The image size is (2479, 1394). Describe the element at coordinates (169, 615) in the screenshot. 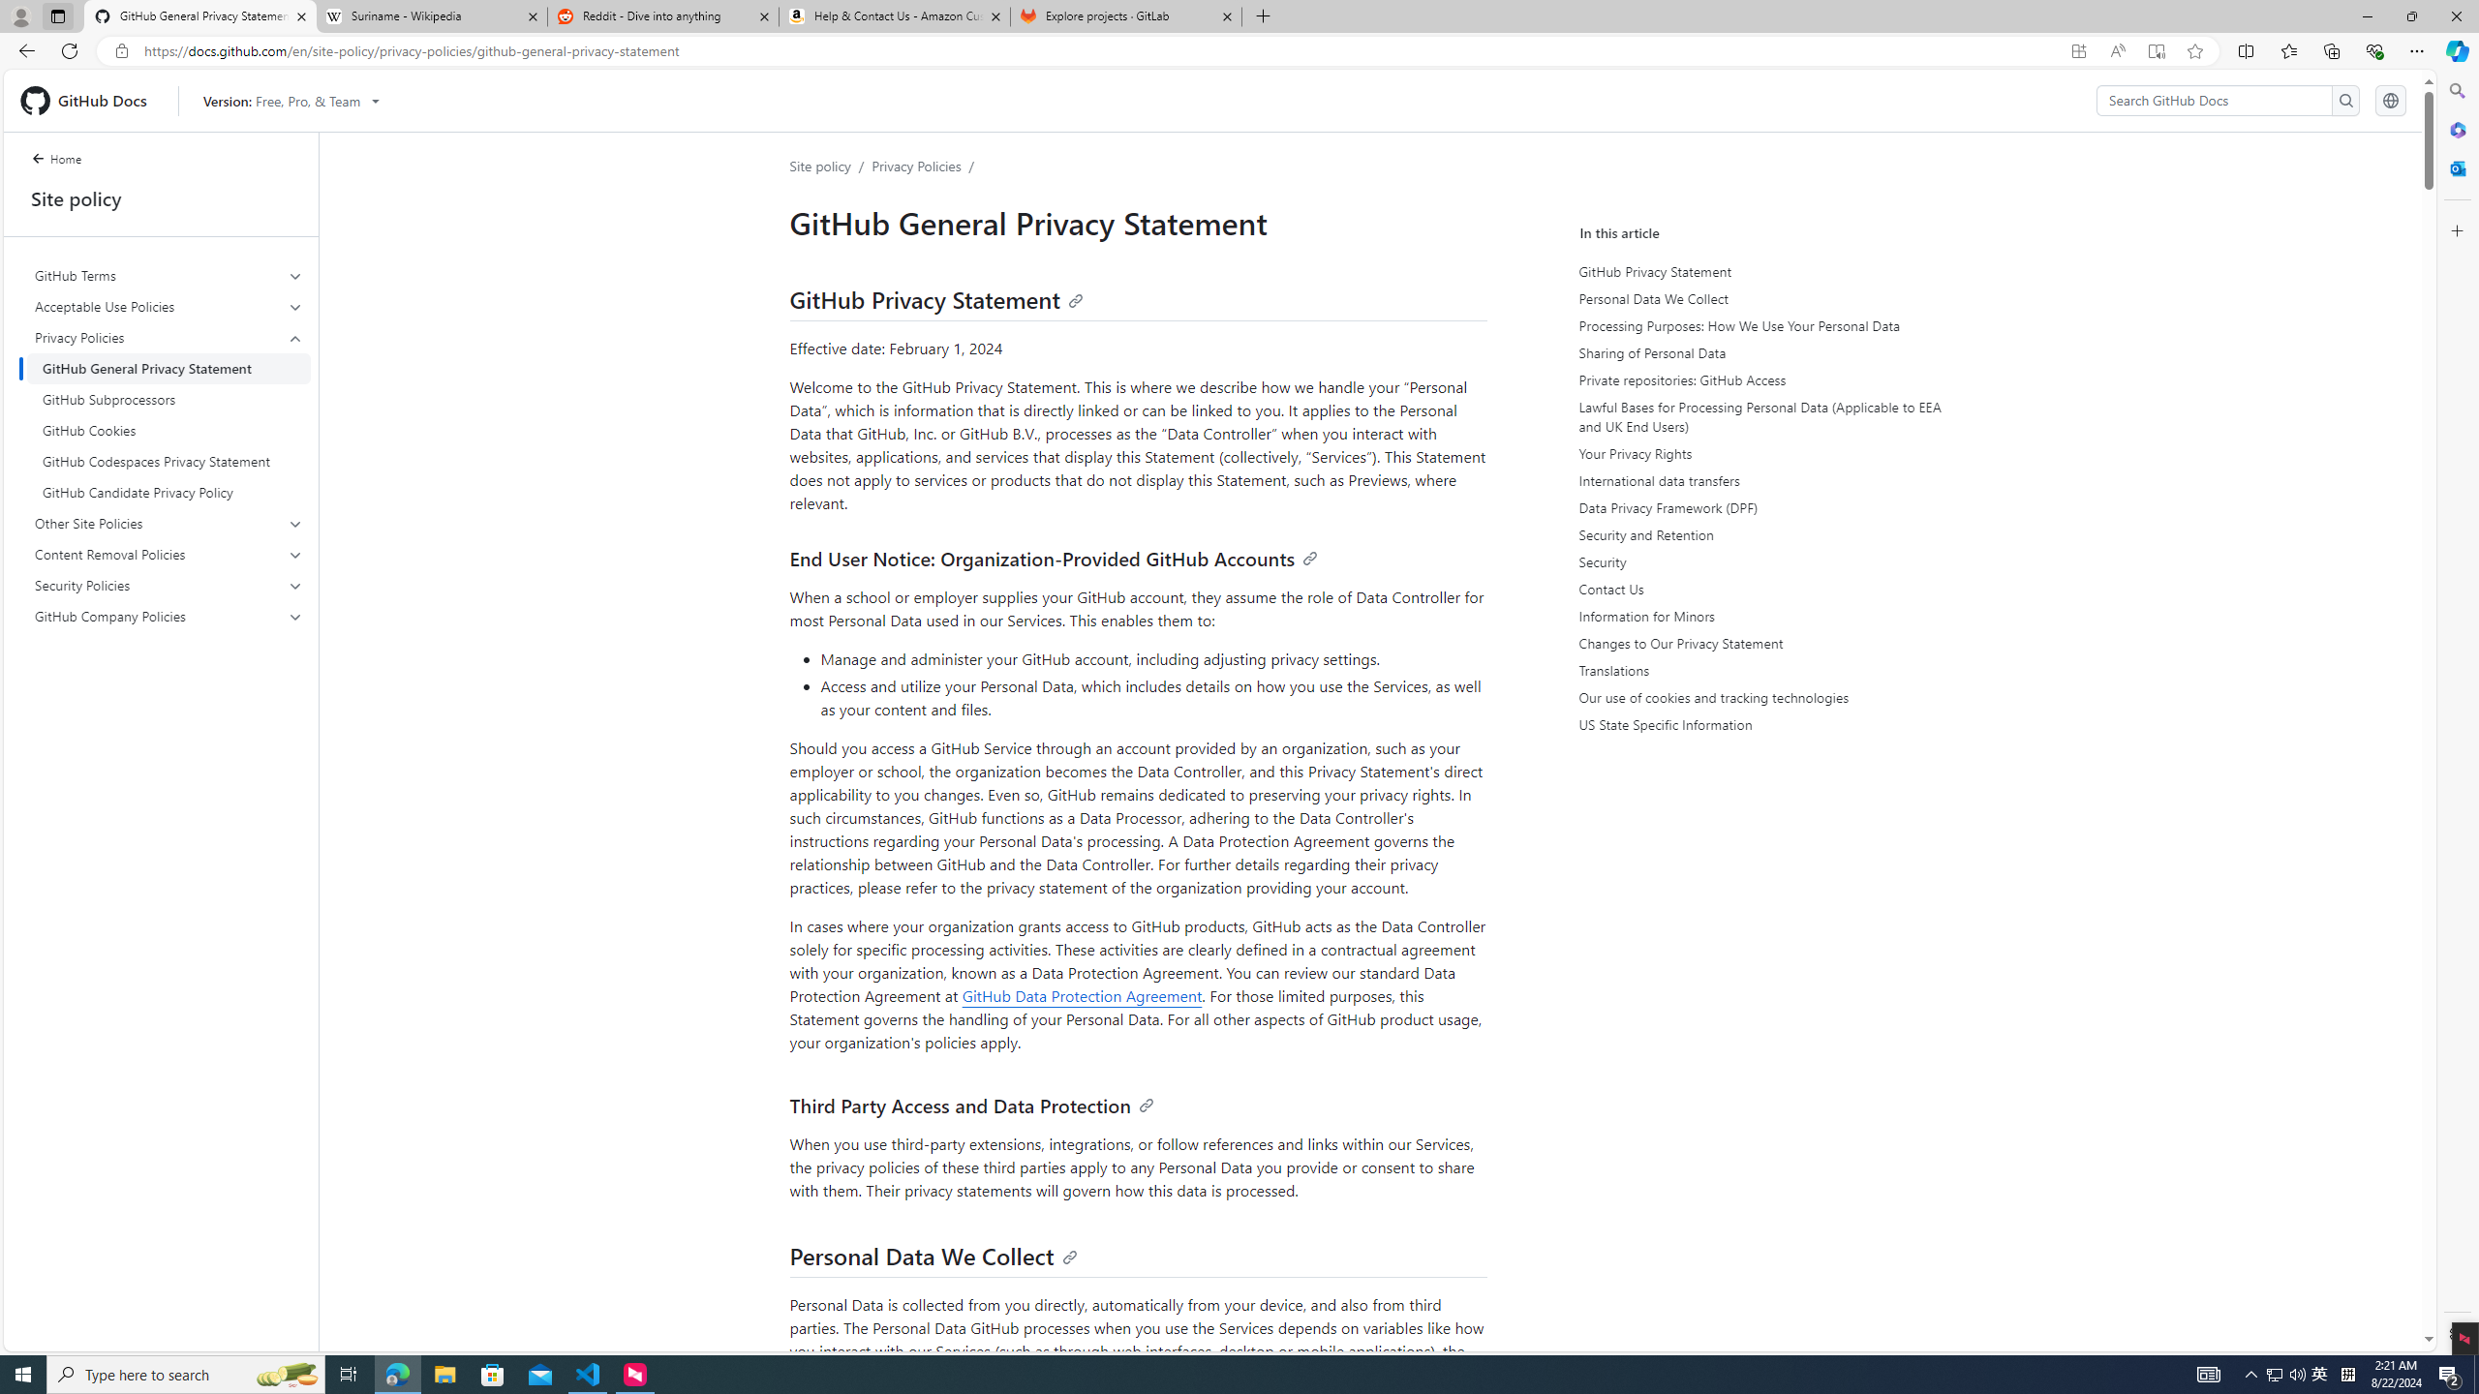

I see `'GitHub Company Policies'` at that location.